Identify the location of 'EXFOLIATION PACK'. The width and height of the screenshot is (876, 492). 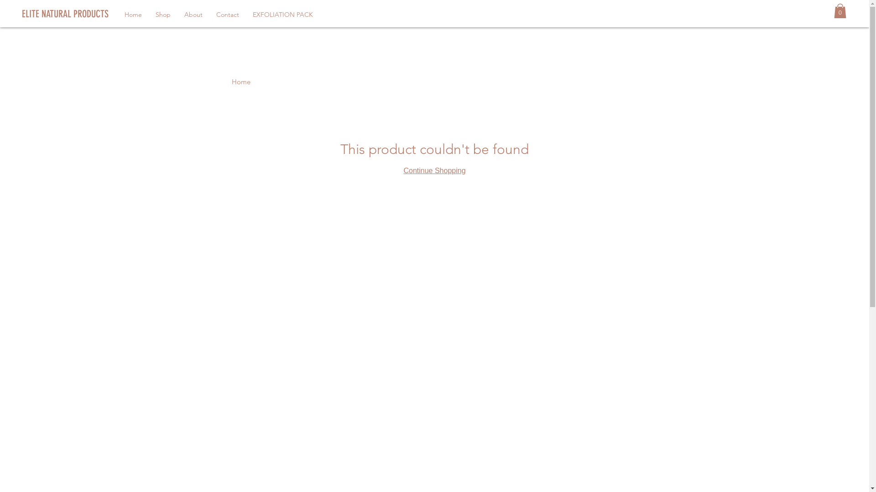
(282, 14).